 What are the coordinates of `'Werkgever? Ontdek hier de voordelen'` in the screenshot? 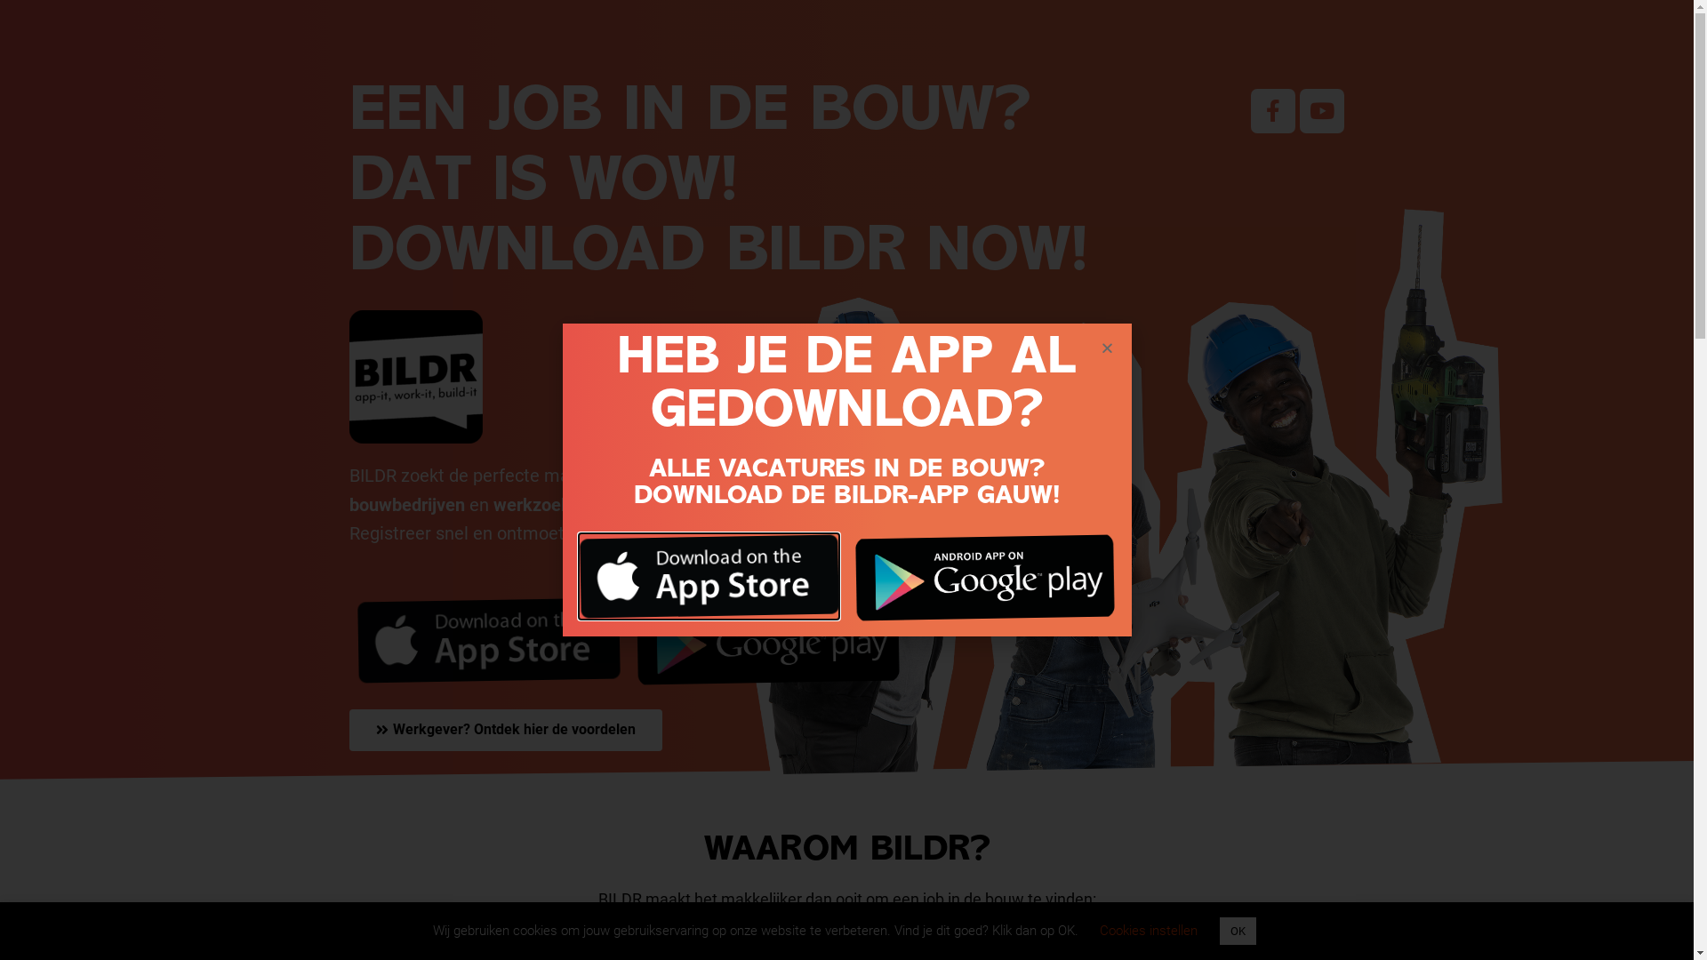 It's located at (503, 730).